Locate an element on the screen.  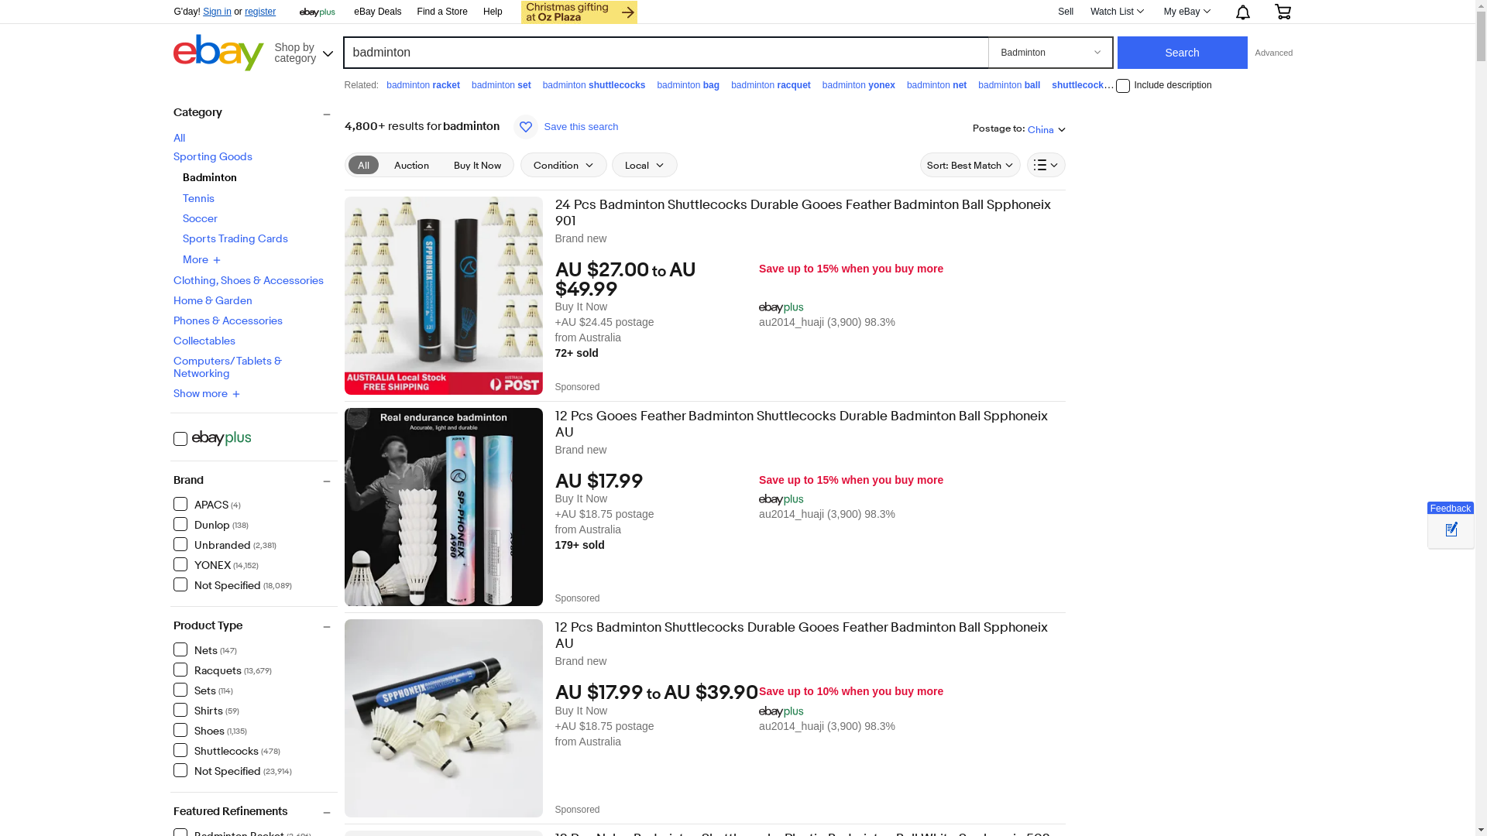
'Sign in' is located at coordinates (202, 12).